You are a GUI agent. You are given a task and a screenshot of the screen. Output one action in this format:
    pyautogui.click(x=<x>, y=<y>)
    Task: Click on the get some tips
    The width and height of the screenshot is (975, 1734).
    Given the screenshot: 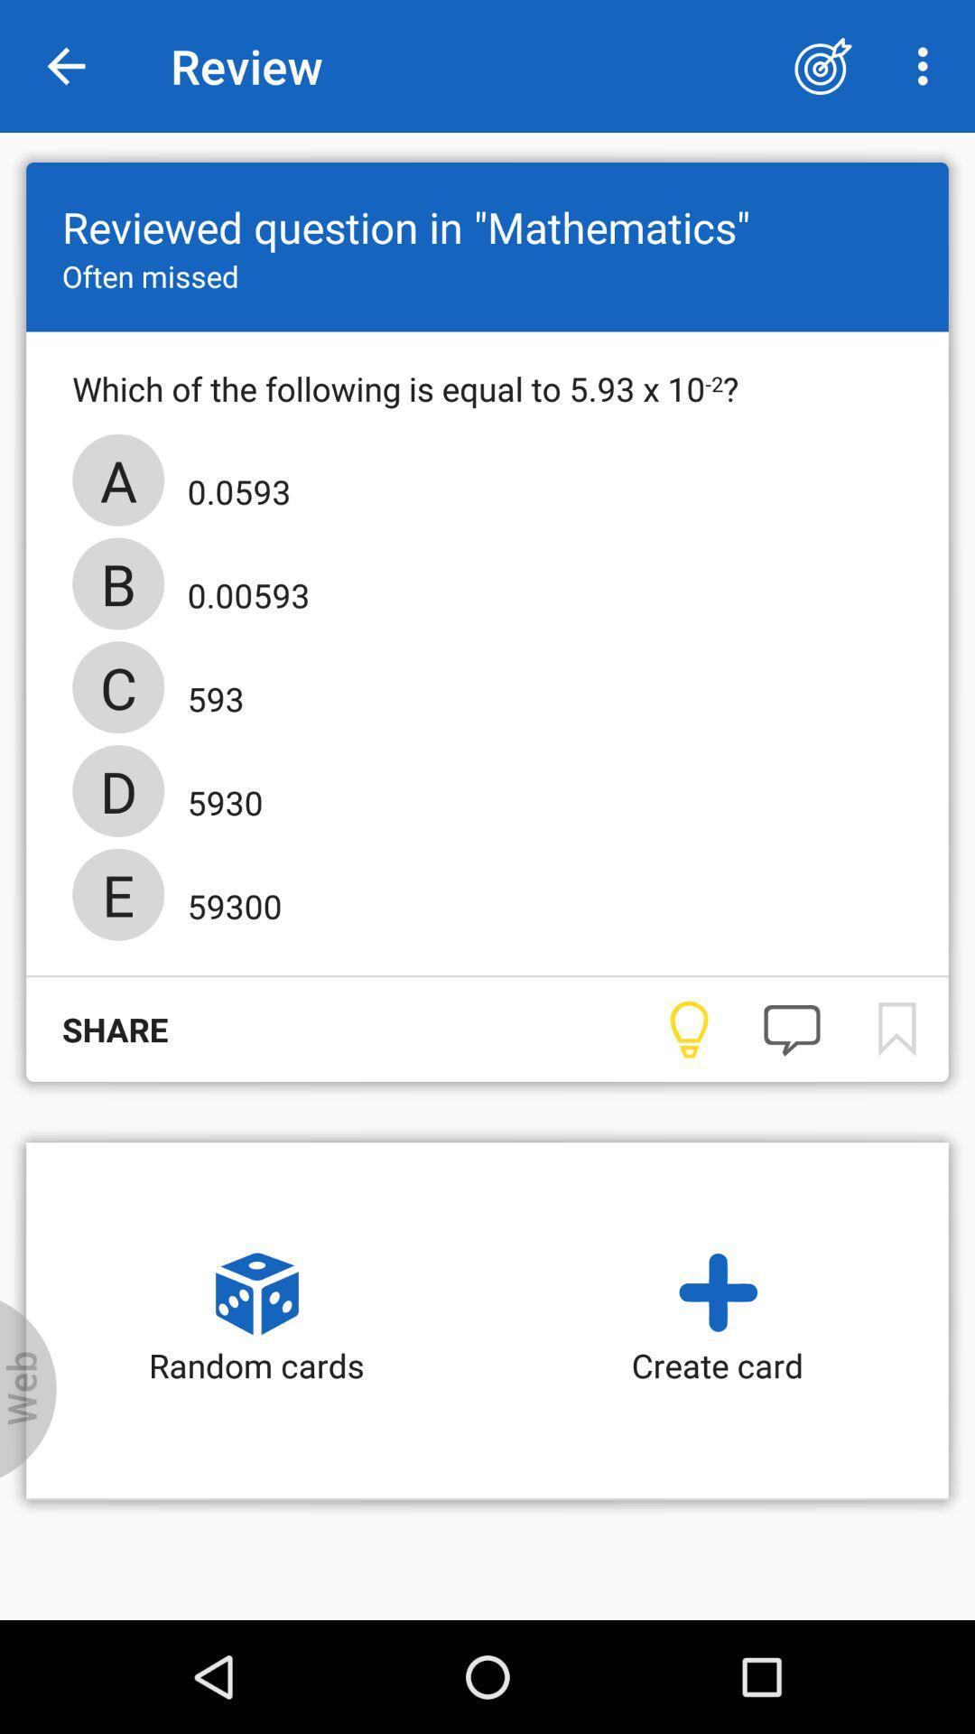 What is the action you would take?
    pyautogui.click(x=688, y=1030)
    